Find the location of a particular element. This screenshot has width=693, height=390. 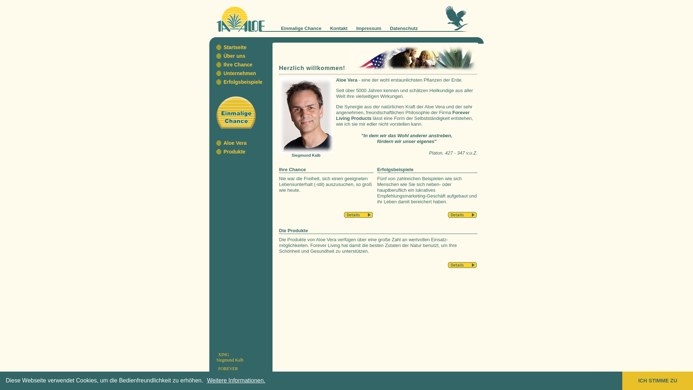

'Produkte' is located at coordinates (234, 151).